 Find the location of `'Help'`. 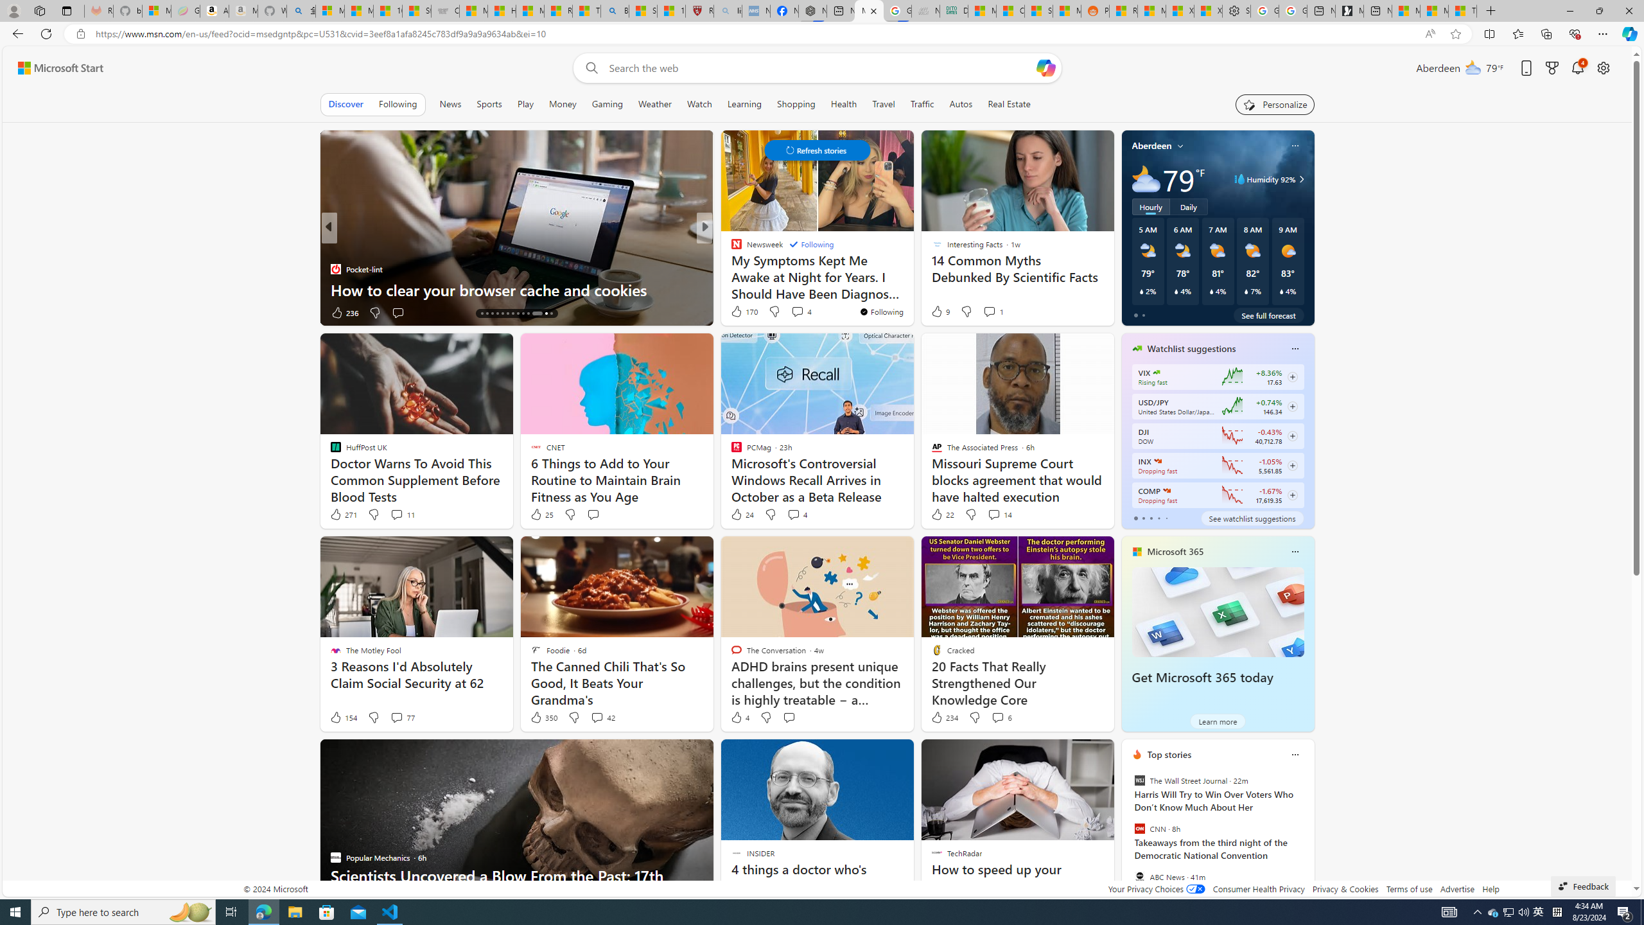

'Help' is located at coordinates (1490, 888).